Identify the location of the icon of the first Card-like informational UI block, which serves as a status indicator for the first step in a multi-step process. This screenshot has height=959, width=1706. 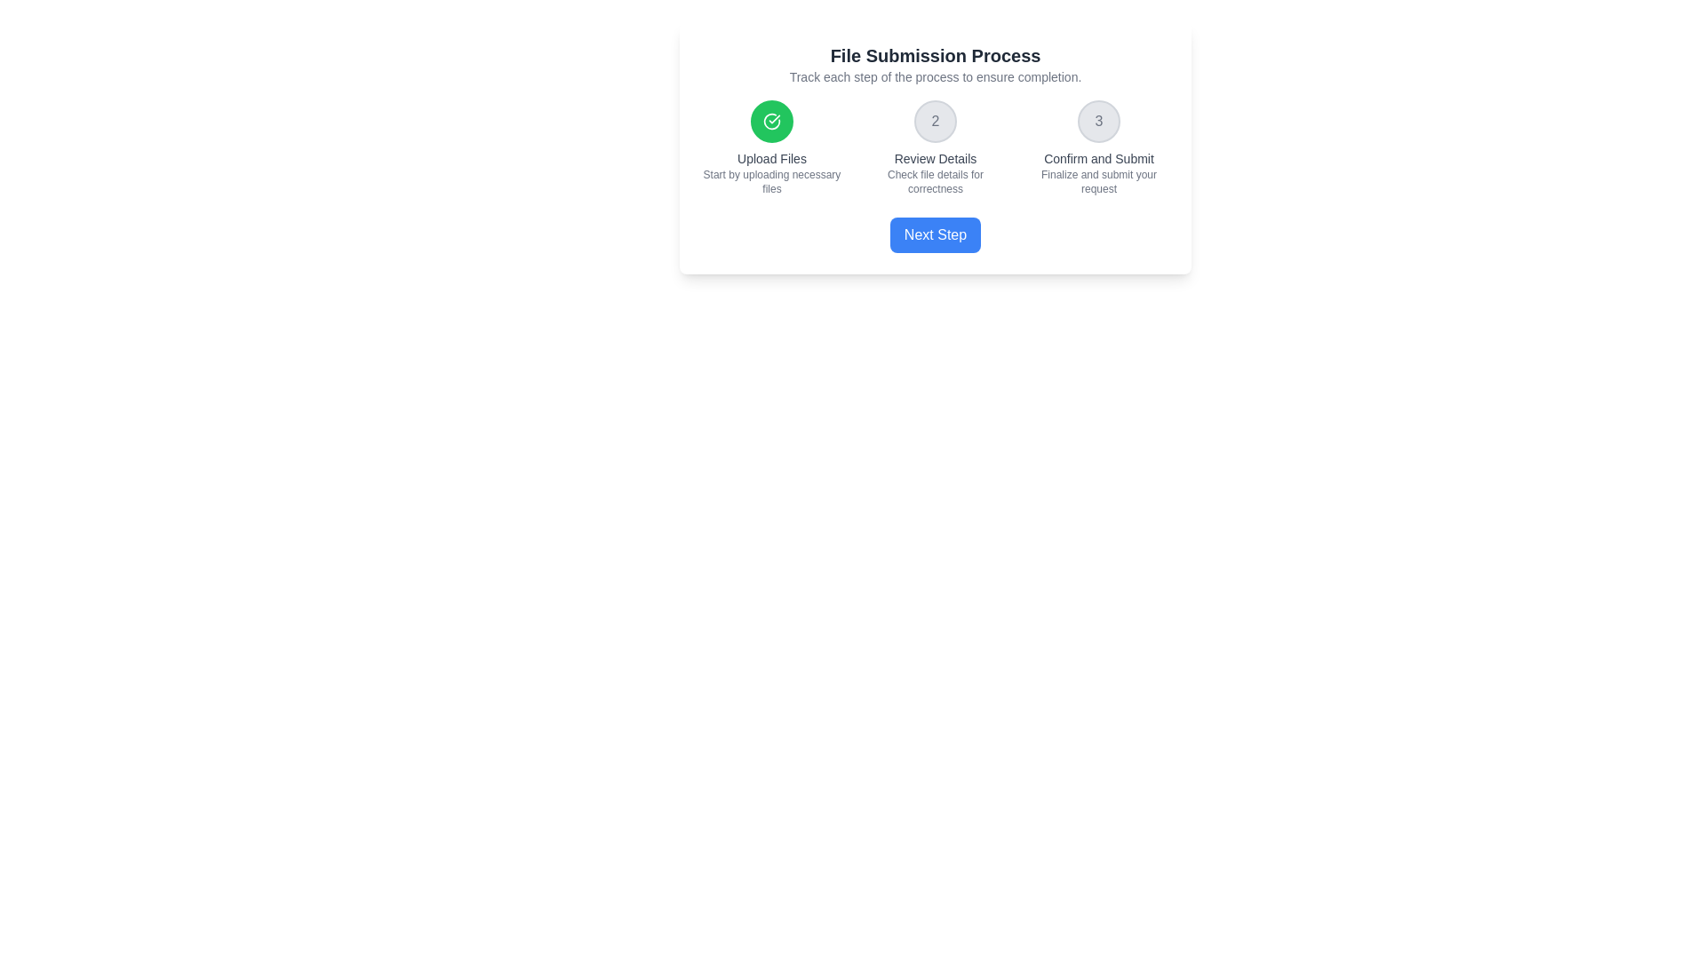
(771, 147).